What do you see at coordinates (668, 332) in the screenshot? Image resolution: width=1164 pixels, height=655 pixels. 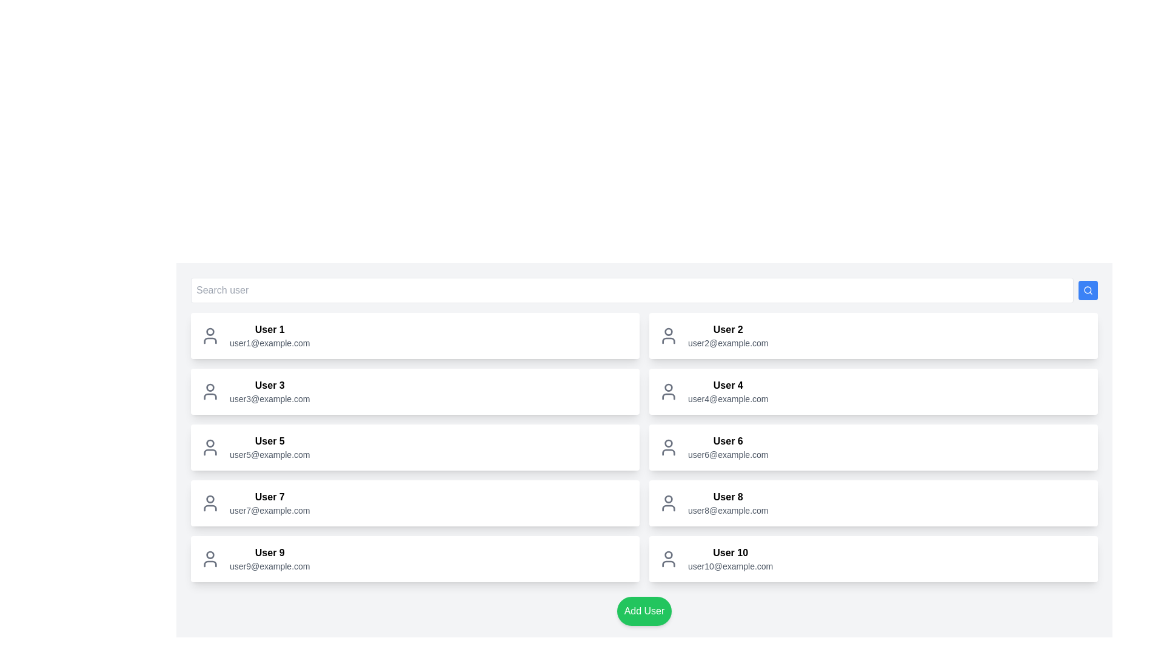 I see `the decorative graphical element that represents 'User 2' in the user icon located in the right-hand column of the list` at bounding box center [668, 332].